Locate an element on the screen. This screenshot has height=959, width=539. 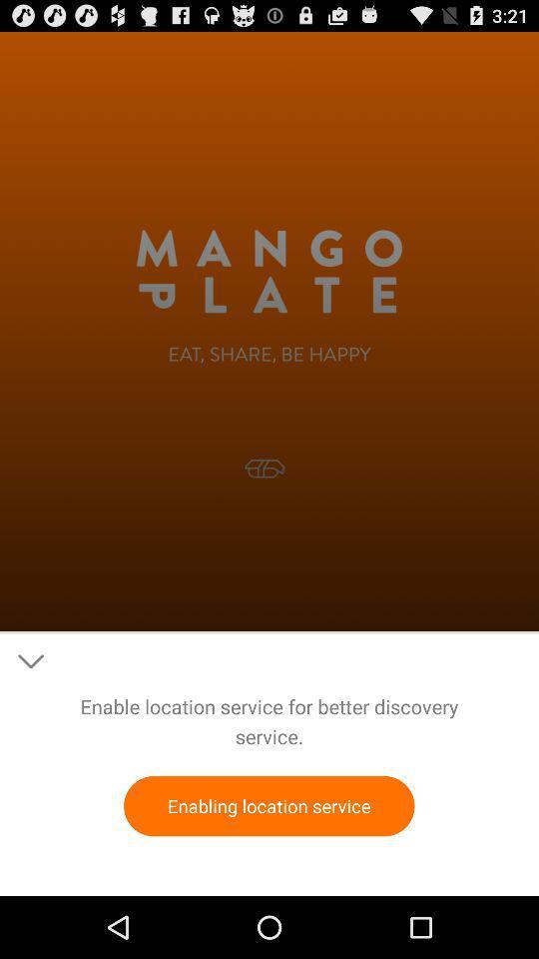
icon at the bottom left corner is located at coordinates (30, 661).